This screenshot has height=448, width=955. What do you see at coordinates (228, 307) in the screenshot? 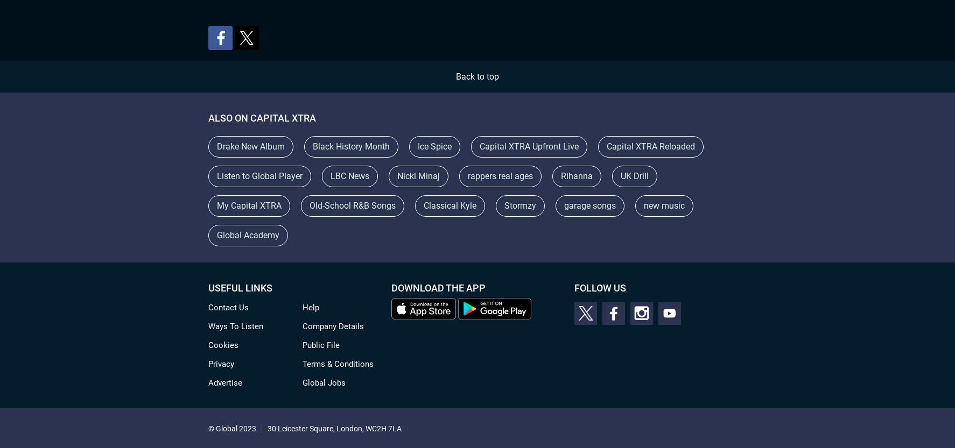
I see `'Contact Us'` at bounding box center [228, 307].